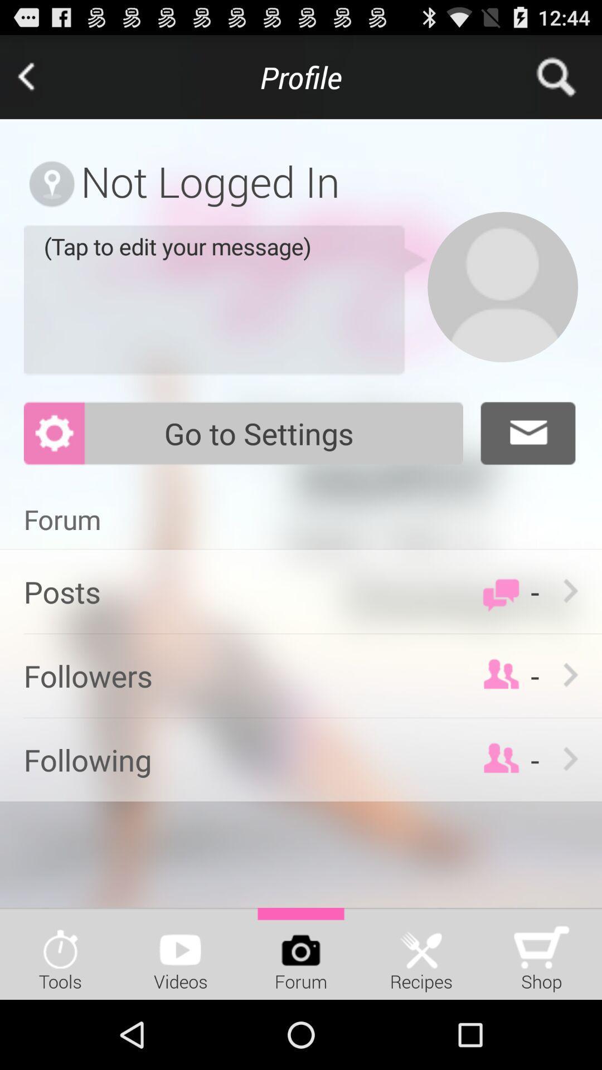 This screenshot has height=1070, width=602. What do you see at coordinates (41, 82) in the screenshot?
I see `the arrow_backward icon` at bounding box center [41, 82].